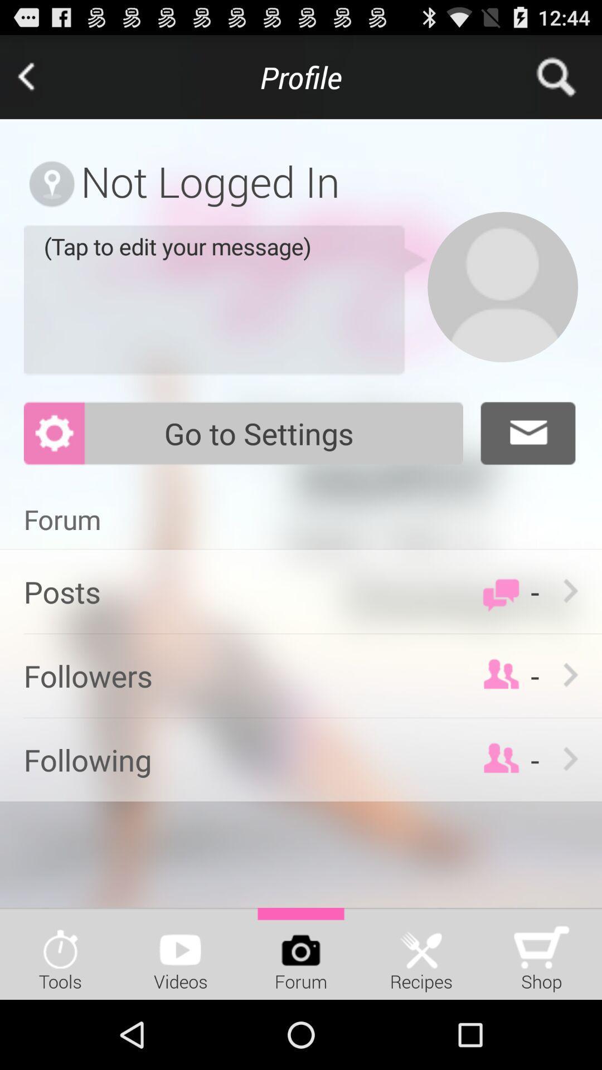 This screenshot has height=1070, width=602. What do you see at coordinates (41, 82) in the screenshot?
I see `the arrow_backward icon` at bounding box center [41, 82].